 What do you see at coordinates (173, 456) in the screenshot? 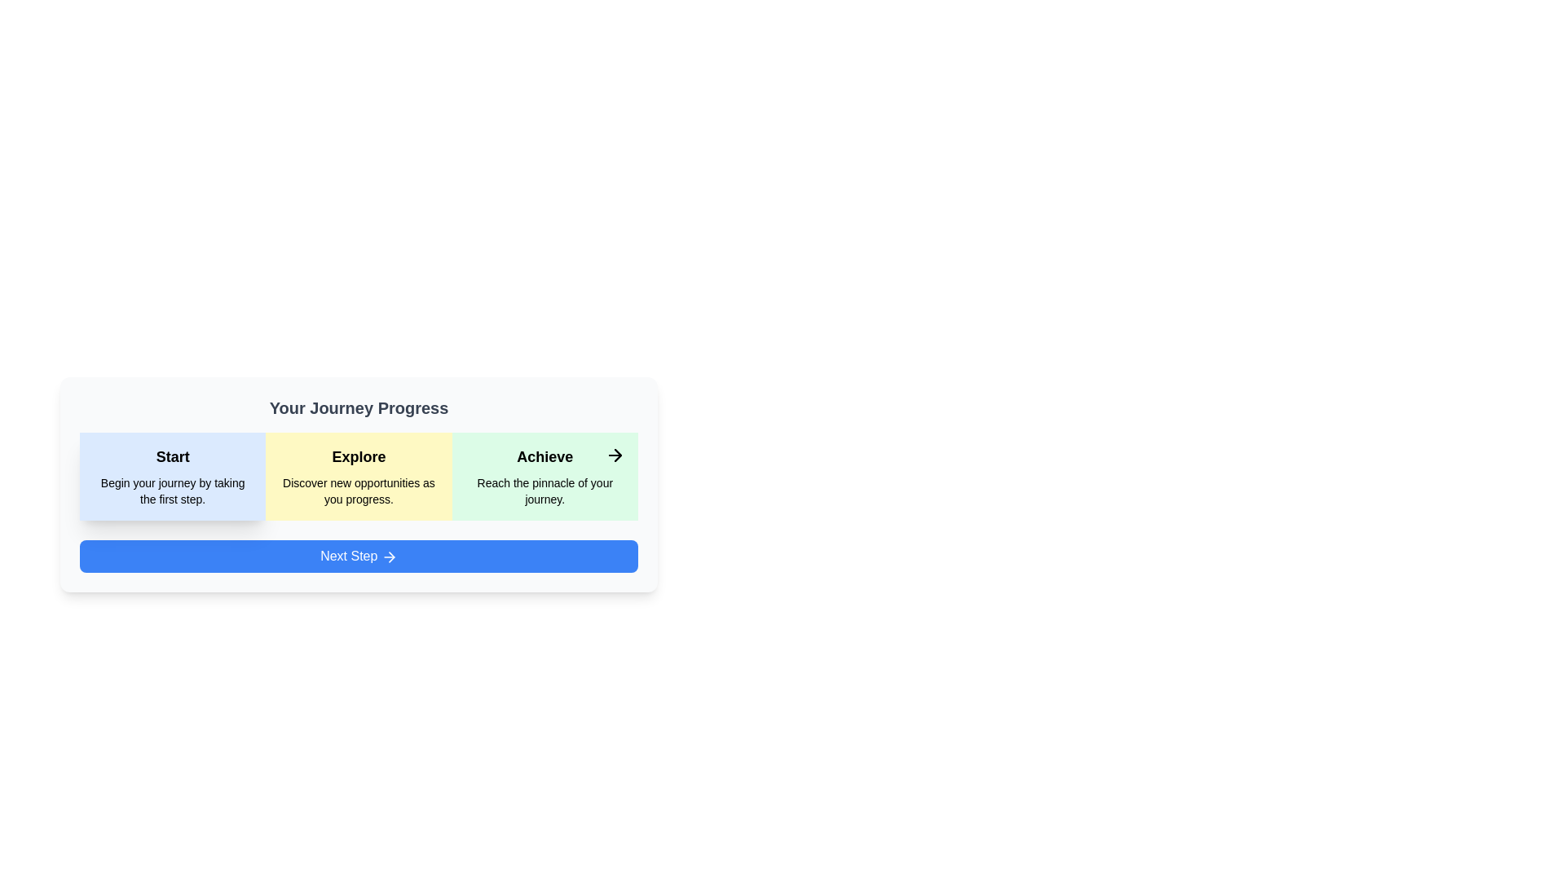
I see `the Text label that indicates the initial stage in the 'Your Journey Progress' area, positioned above the text 'Begin your journey by taking the first step.'` at bounding box center [173, 456].